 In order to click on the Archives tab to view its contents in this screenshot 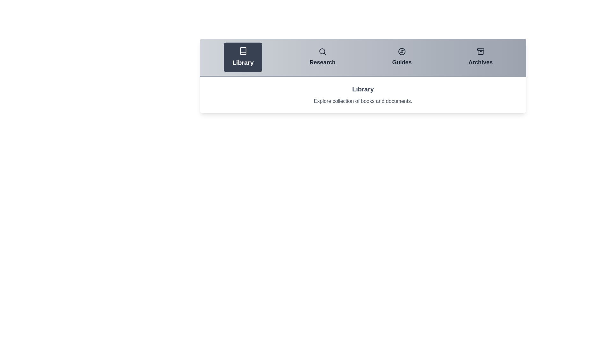, I will do `click(480, 57)`.